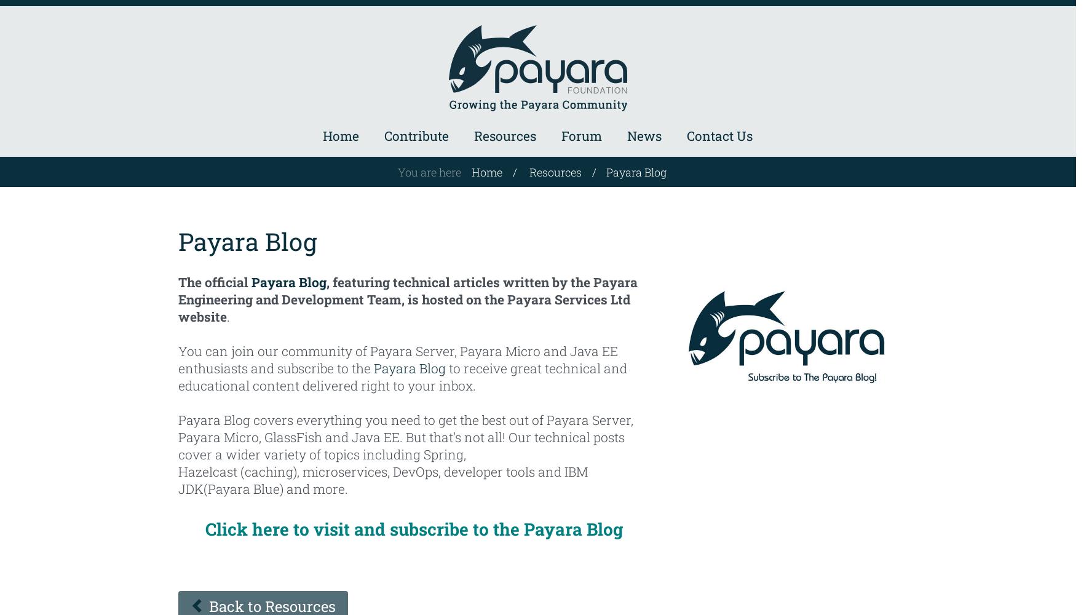 This screenshot has width=1089, height=615. I want to click on 'Contact Us', so click(719, 135).